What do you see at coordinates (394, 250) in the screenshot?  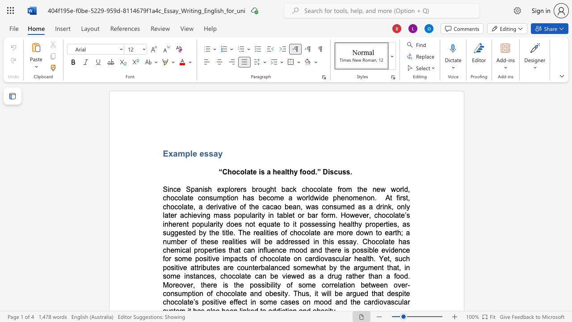 I see `the space between the continuous character "d" and "e" in the text` at bounding box center [394, 250].